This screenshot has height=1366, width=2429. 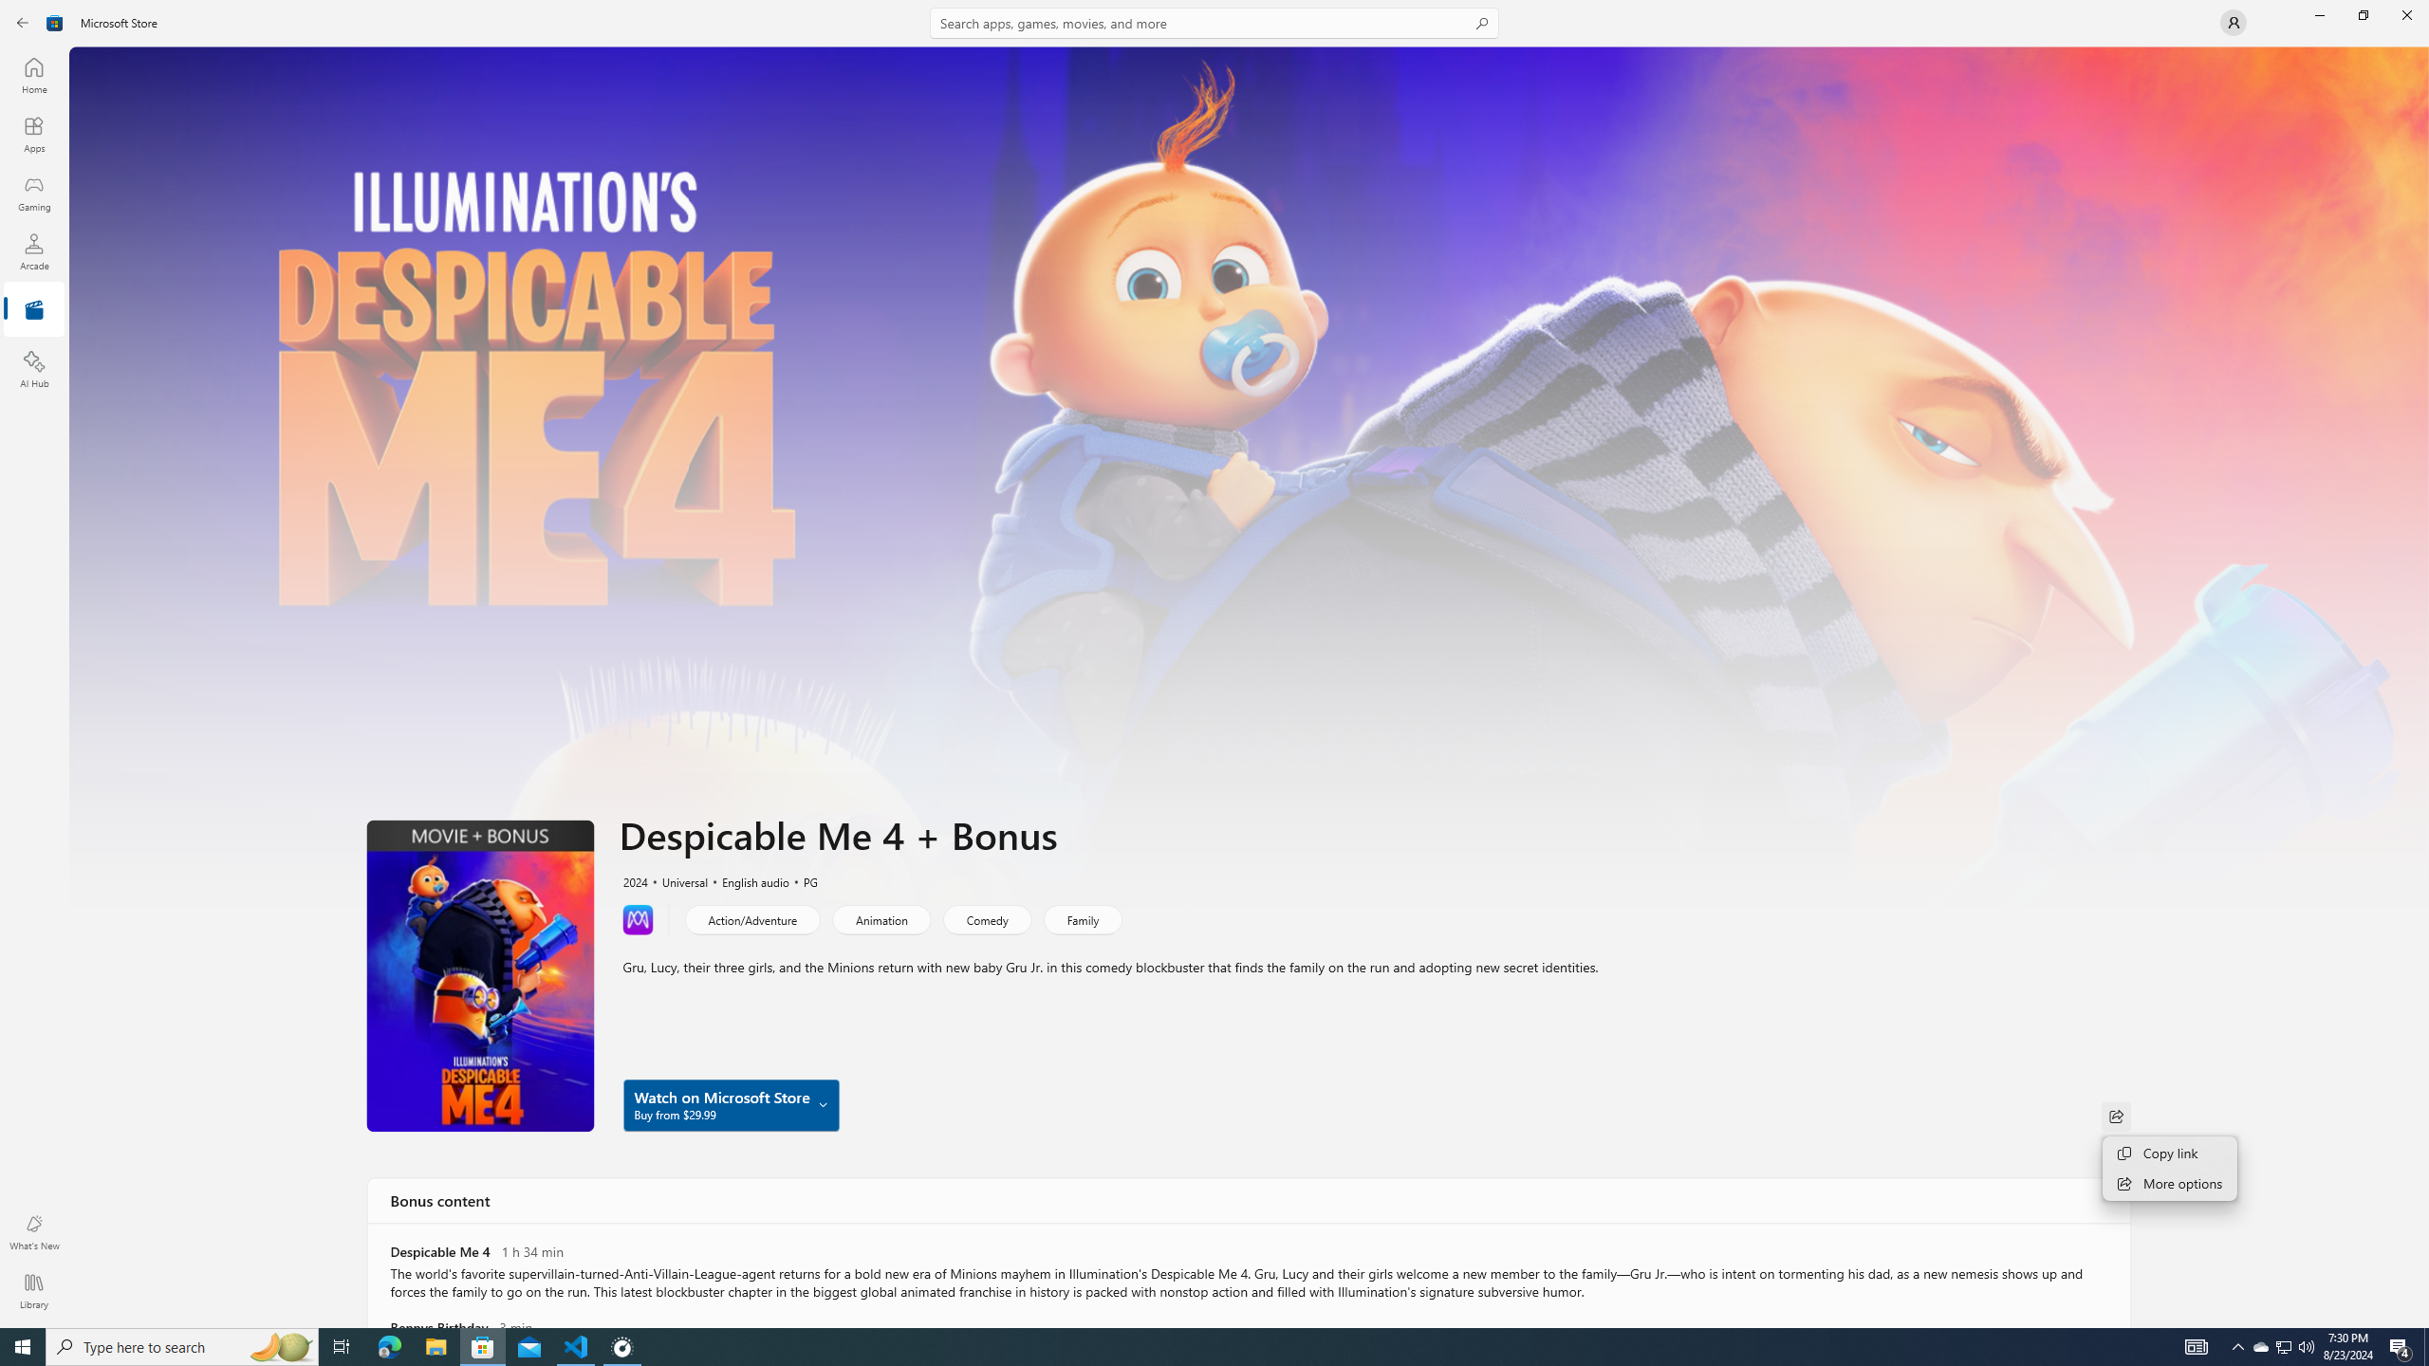 I want to click on 'User profile', so click(x=2232, y=21).